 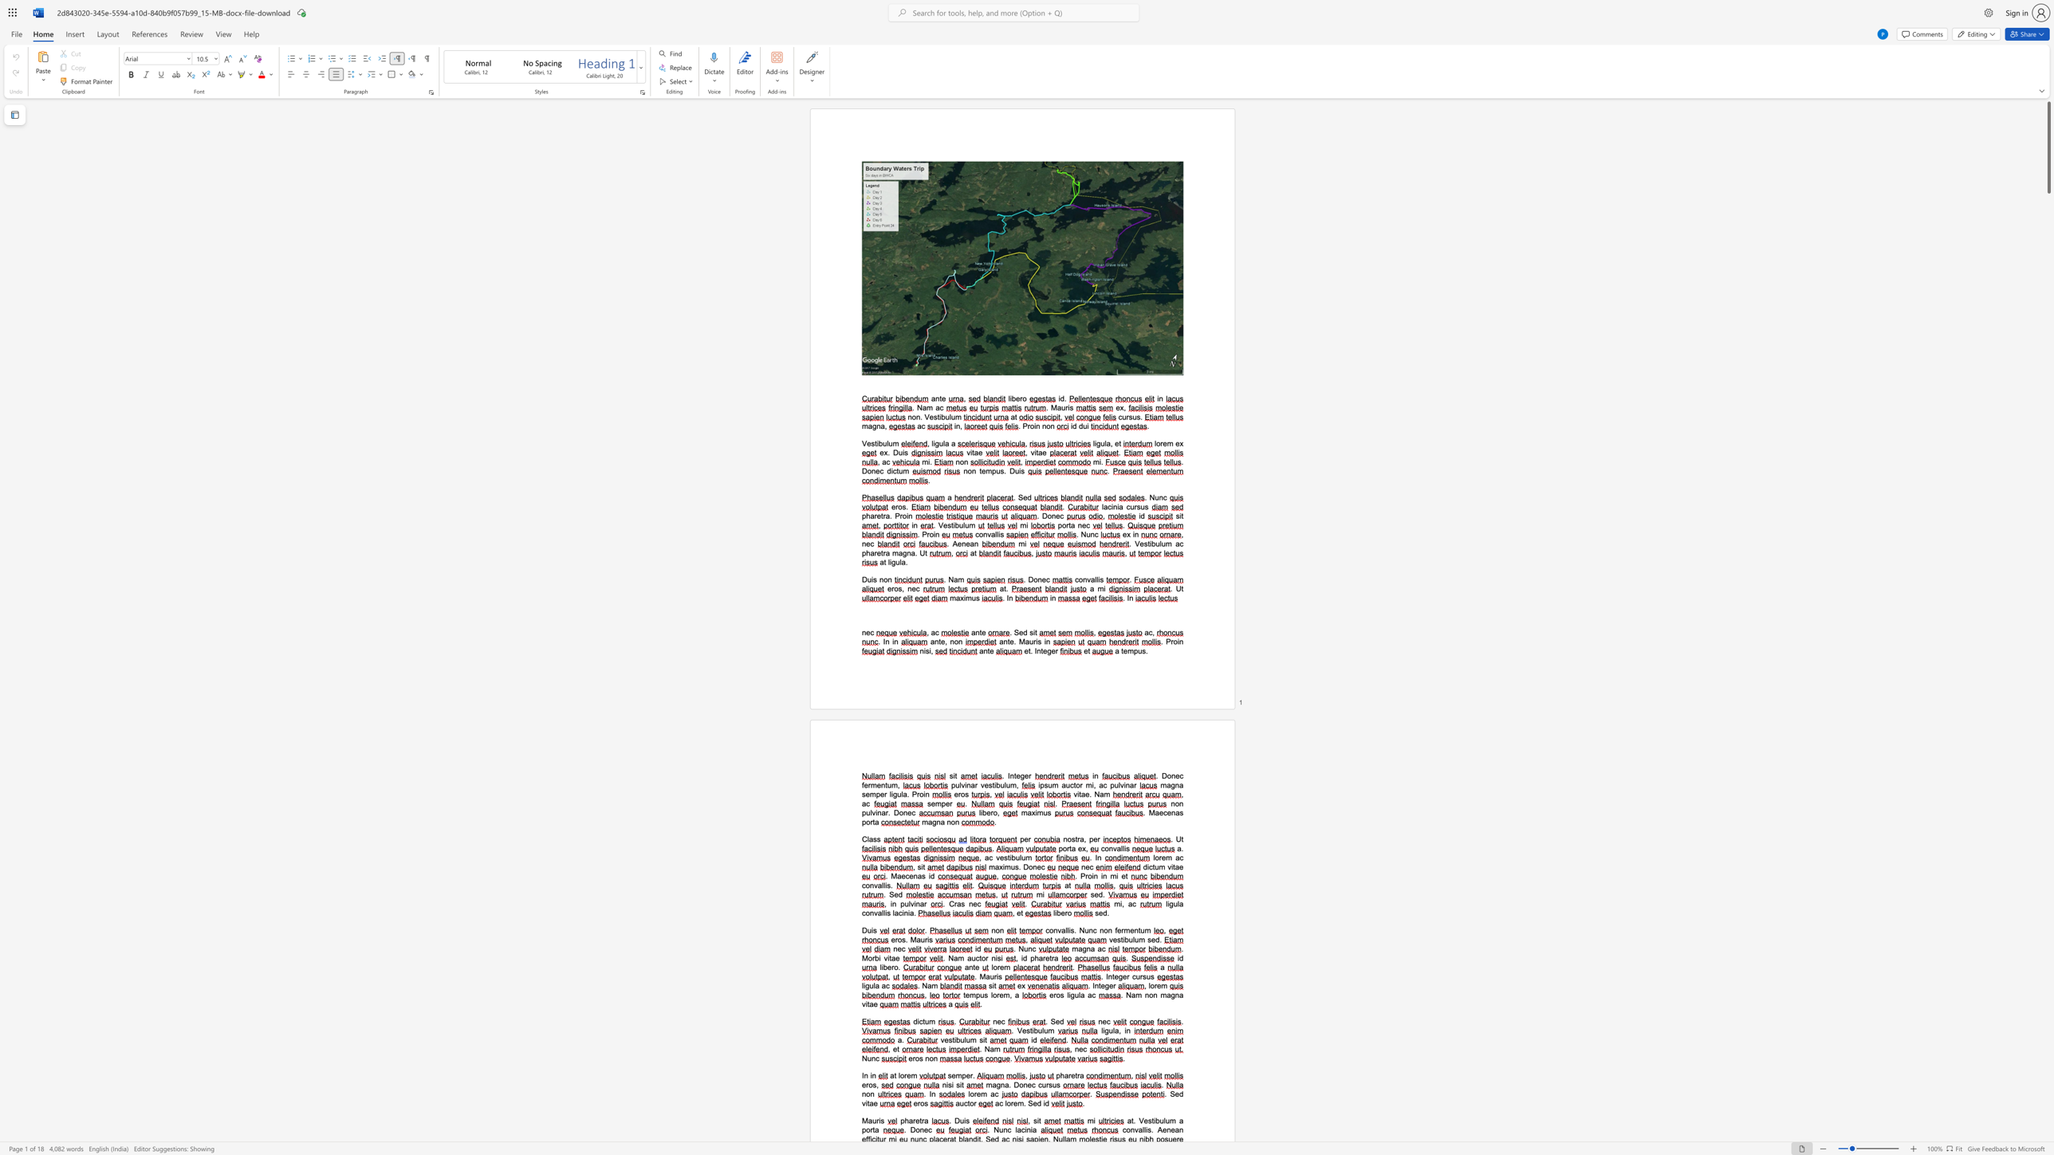 What do you see at coordinates (907, 1076) in the screenshot?
I see `the space between the continuous character "r" and "e" in the text` at bounding box center [907, 1076].